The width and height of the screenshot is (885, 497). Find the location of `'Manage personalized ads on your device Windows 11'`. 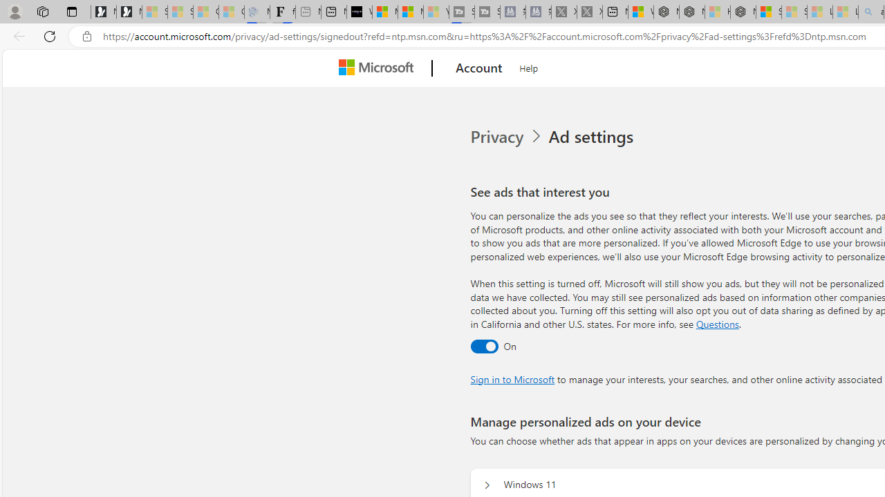

'Manage personalized ads on your device Windows 11' is located at coordinates (487, 485).